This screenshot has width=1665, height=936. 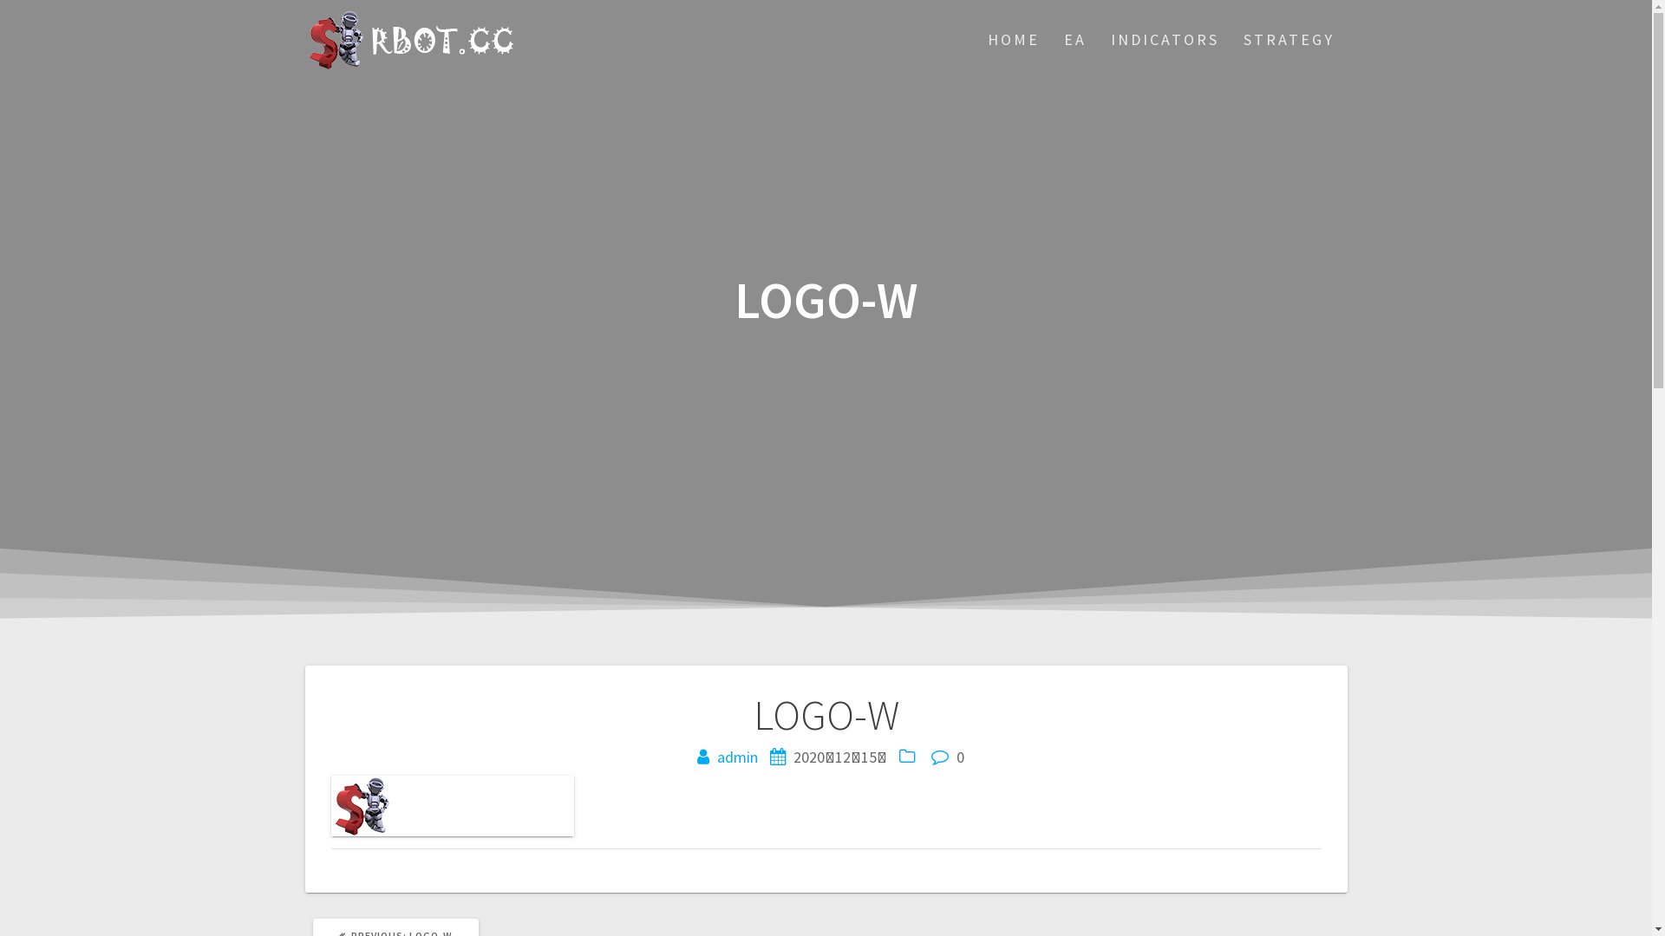 What do you see at coordinates (987, 39) in the screenshot?
I see `'HOME'` at bounding box center [987, 39].